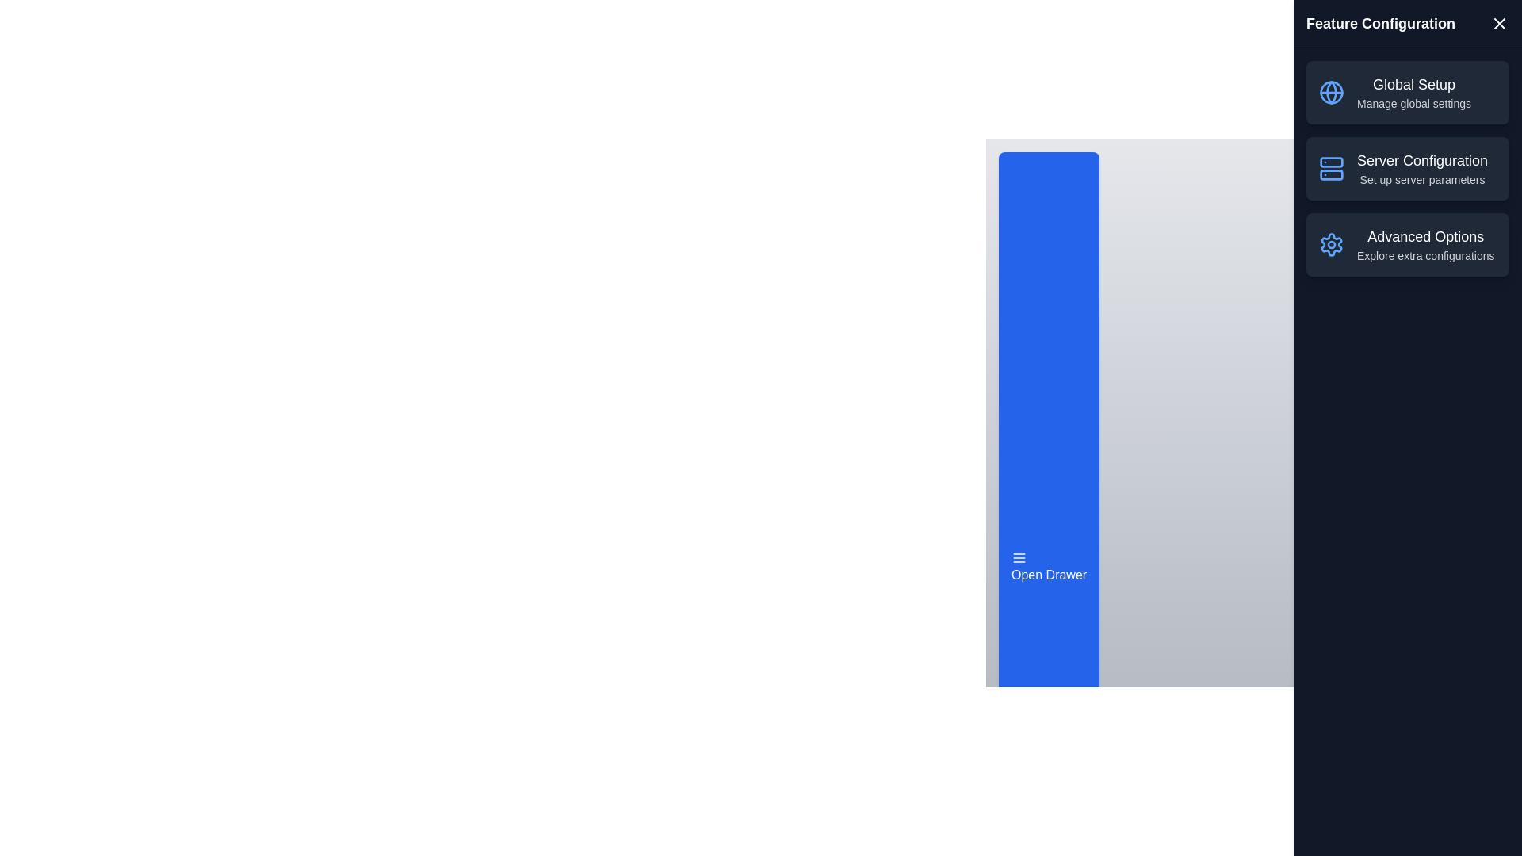 This screenshot has width=1522, height=856. What do you see at coordinates (1408, 168) in the screenshot?
I see `the feature item Server Configuration in the list` at bounding box center [1408, 168].